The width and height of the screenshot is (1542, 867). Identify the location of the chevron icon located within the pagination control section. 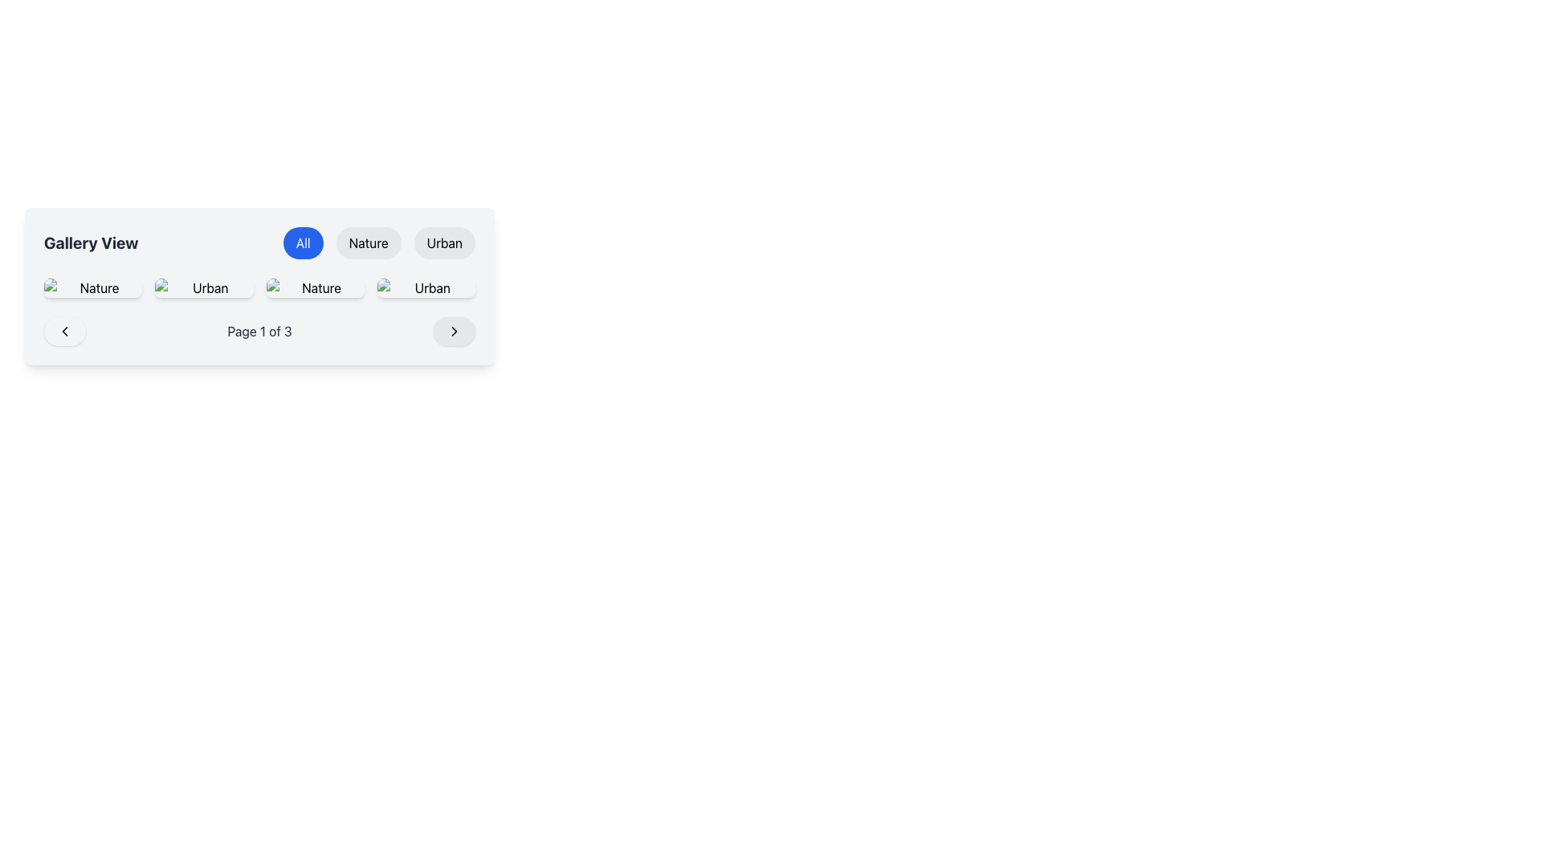
(454, 330).